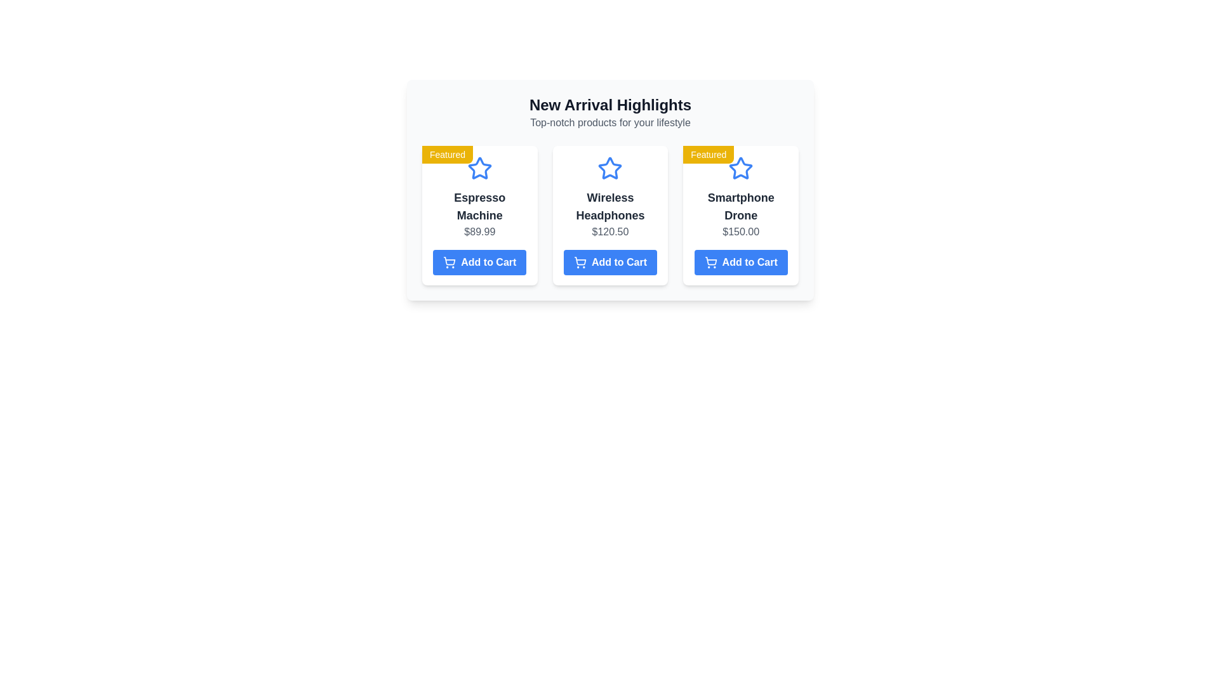 The width and height of the screenshot is (1219, 685). Describe the element at coordinates (741, 168) in the screenshot. I see `the Decorative icon located beneath the 'Featured' label in the 'Smartphone Drone' product card, which indicates a featured status` at that location.